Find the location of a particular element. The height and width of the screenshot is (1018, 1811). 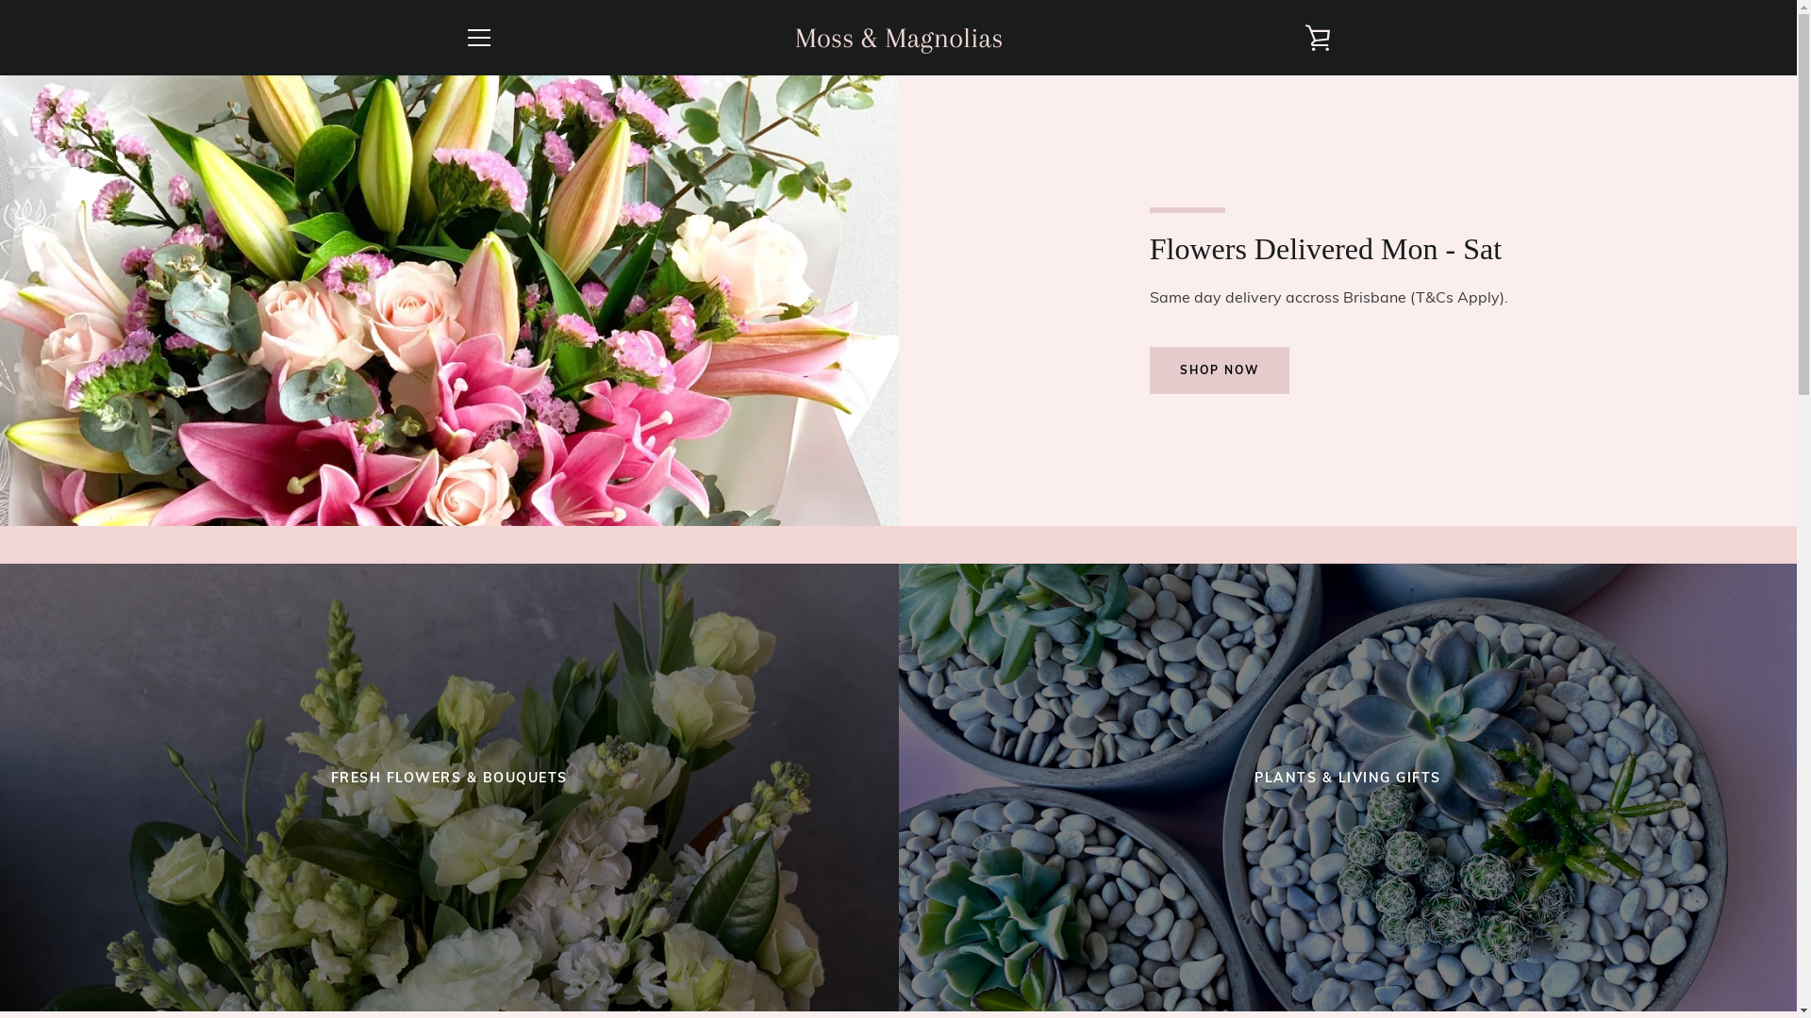

'MENU' is located at coordinates (478, 37).